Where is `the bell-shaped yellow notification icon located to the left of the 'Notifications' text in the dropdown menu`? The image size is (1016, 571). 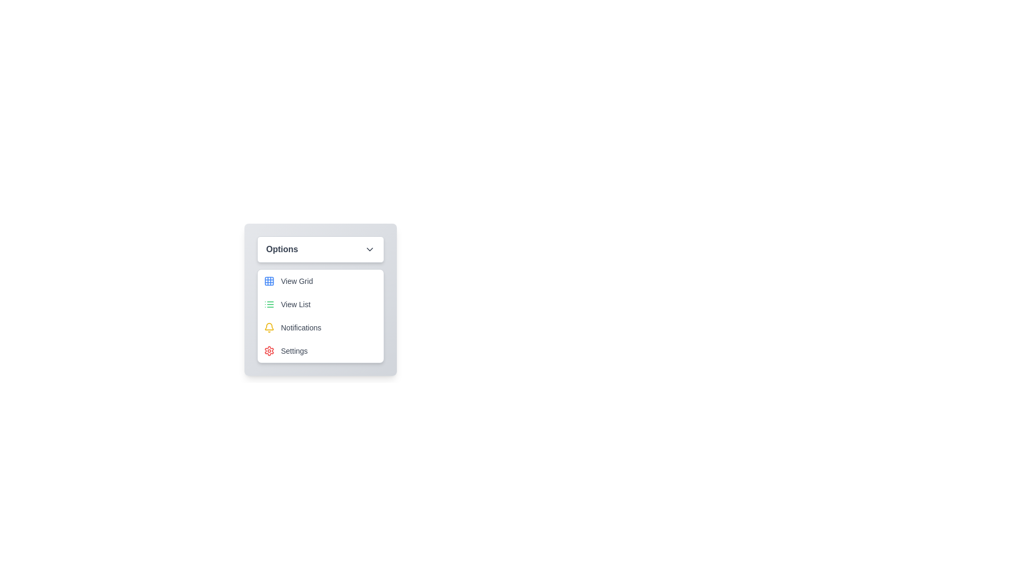
the bell-shaped yellow notification icon located to the left of the 'Notifications' text in the dropdown menu is located at coordinates (269, 327).